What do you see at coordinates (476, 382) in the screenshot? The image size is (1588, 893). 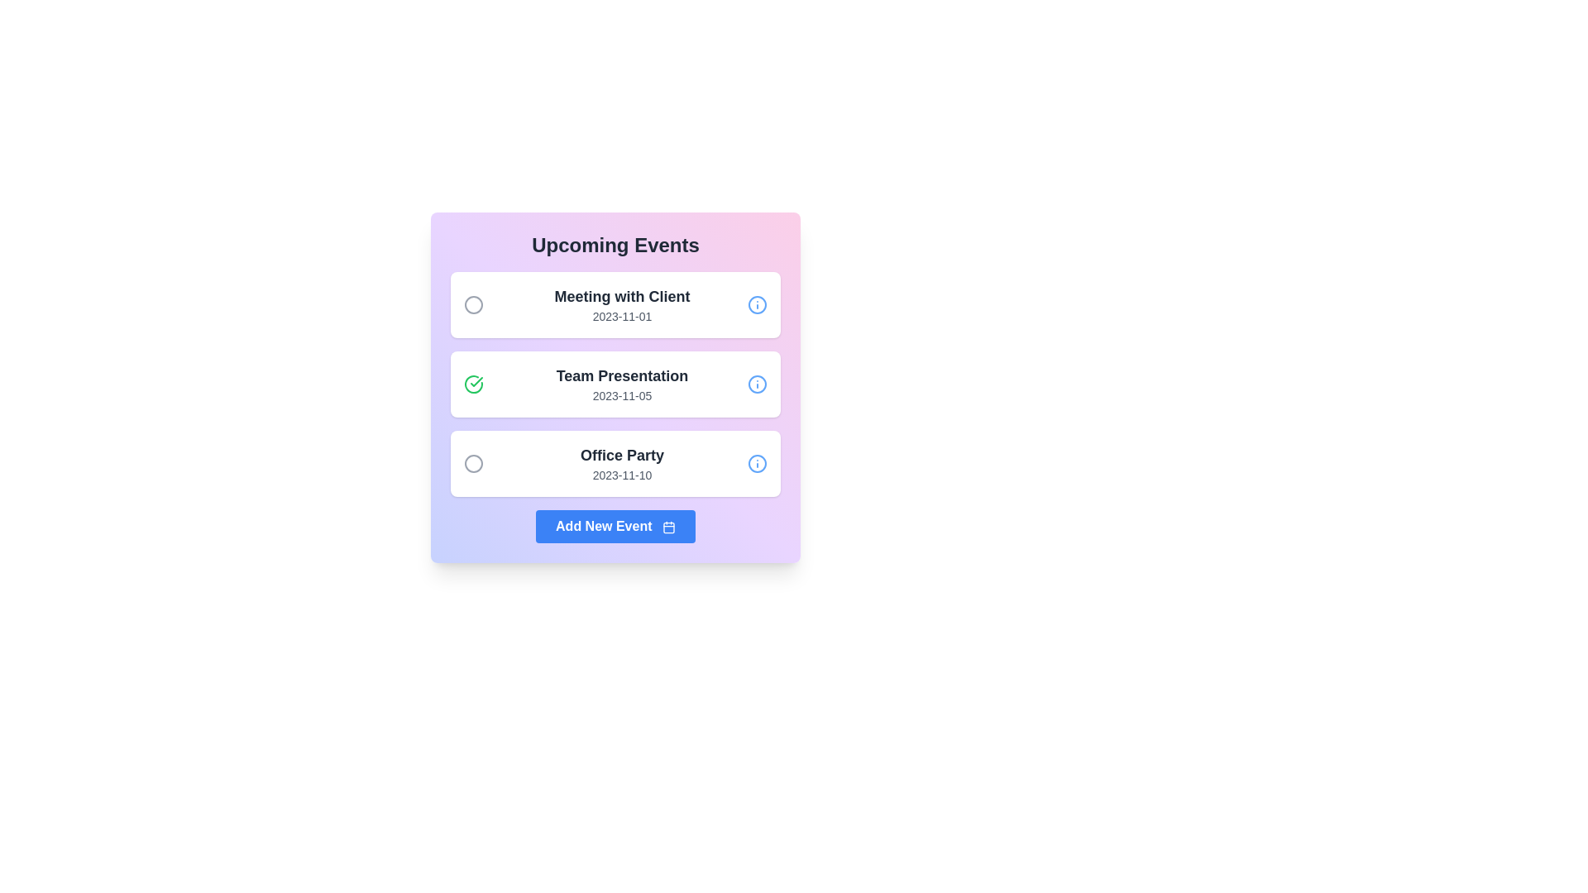 I see `the green checkmark icon, which is part of the circular component located in the top-right corner of the 'Team Presentation' list item in the 'Upcoming Events' panel` at bounding box center [476, 382].